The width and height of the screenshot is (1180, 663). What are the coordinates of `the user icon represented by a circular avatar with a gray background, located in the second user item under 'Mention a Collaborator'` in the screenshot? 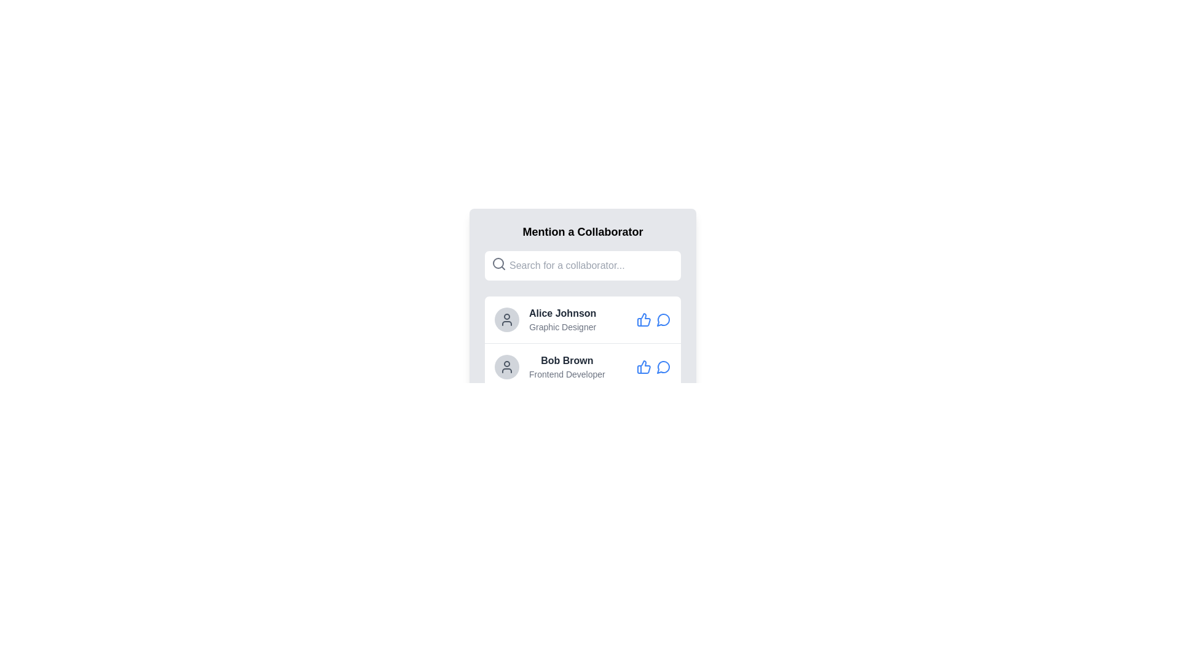 It's located at (507, 319).